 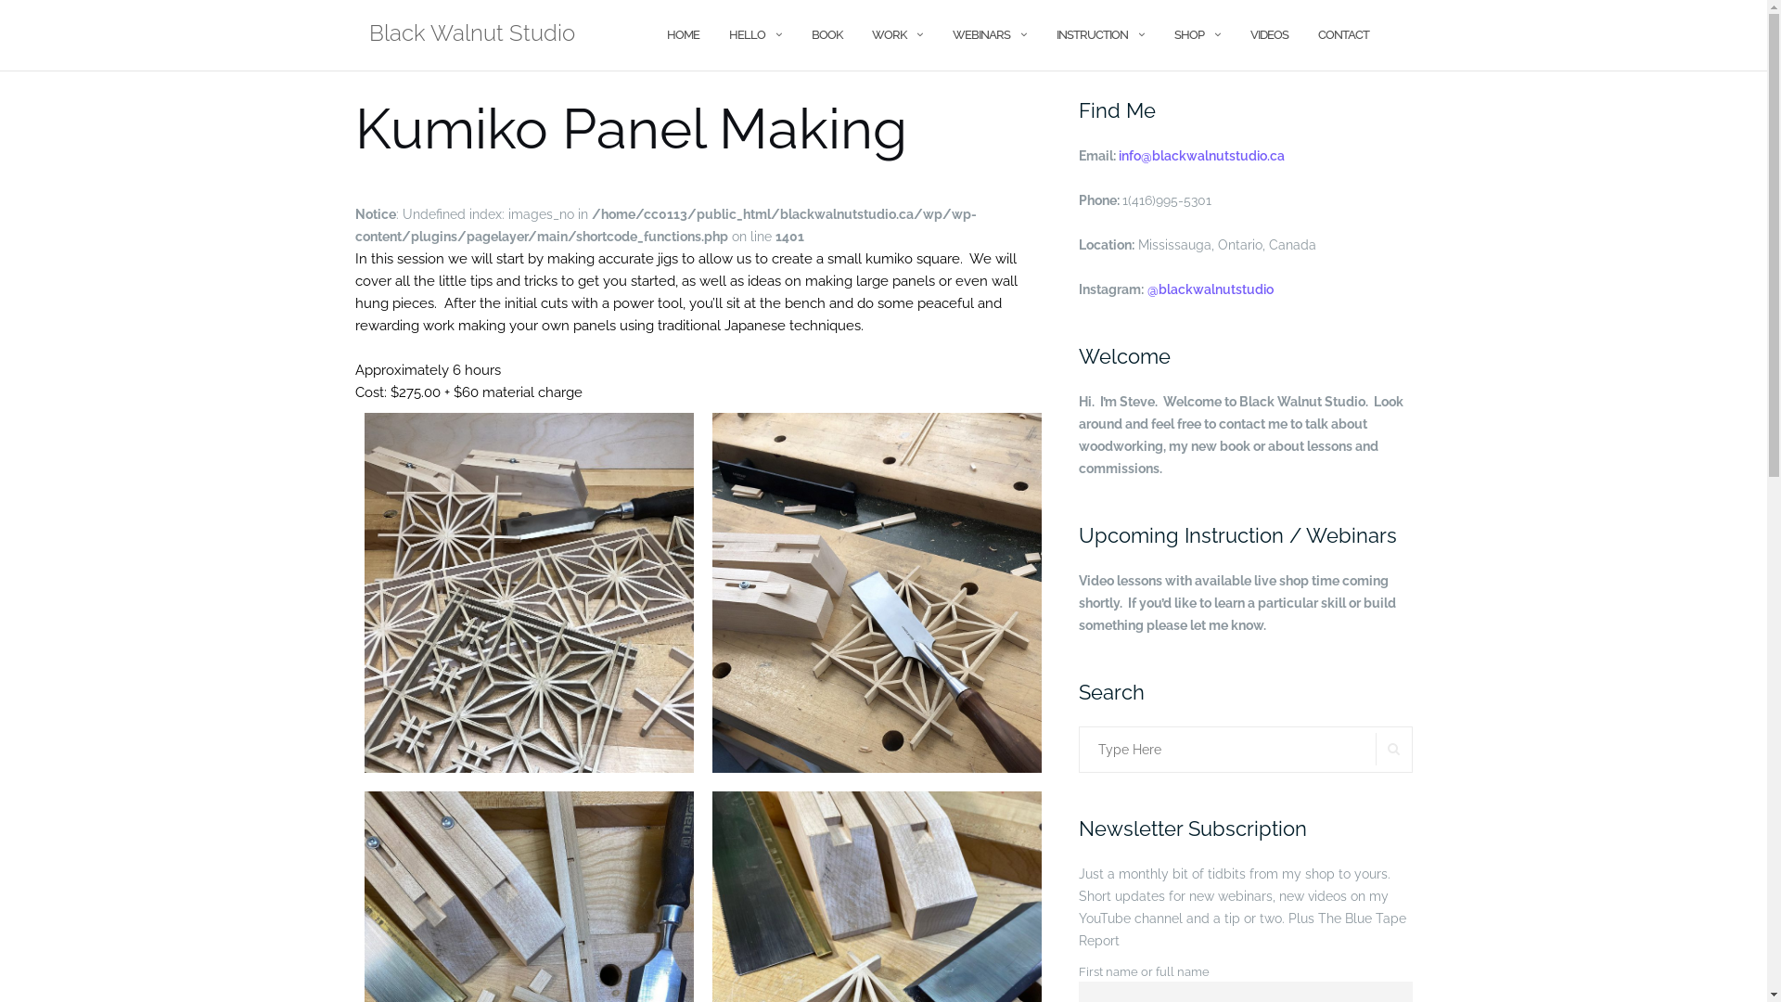 What do you see at coordinates (1188, 34) in the screenshot?
I see `'SHOP'` at bounding box center [1188, 34].